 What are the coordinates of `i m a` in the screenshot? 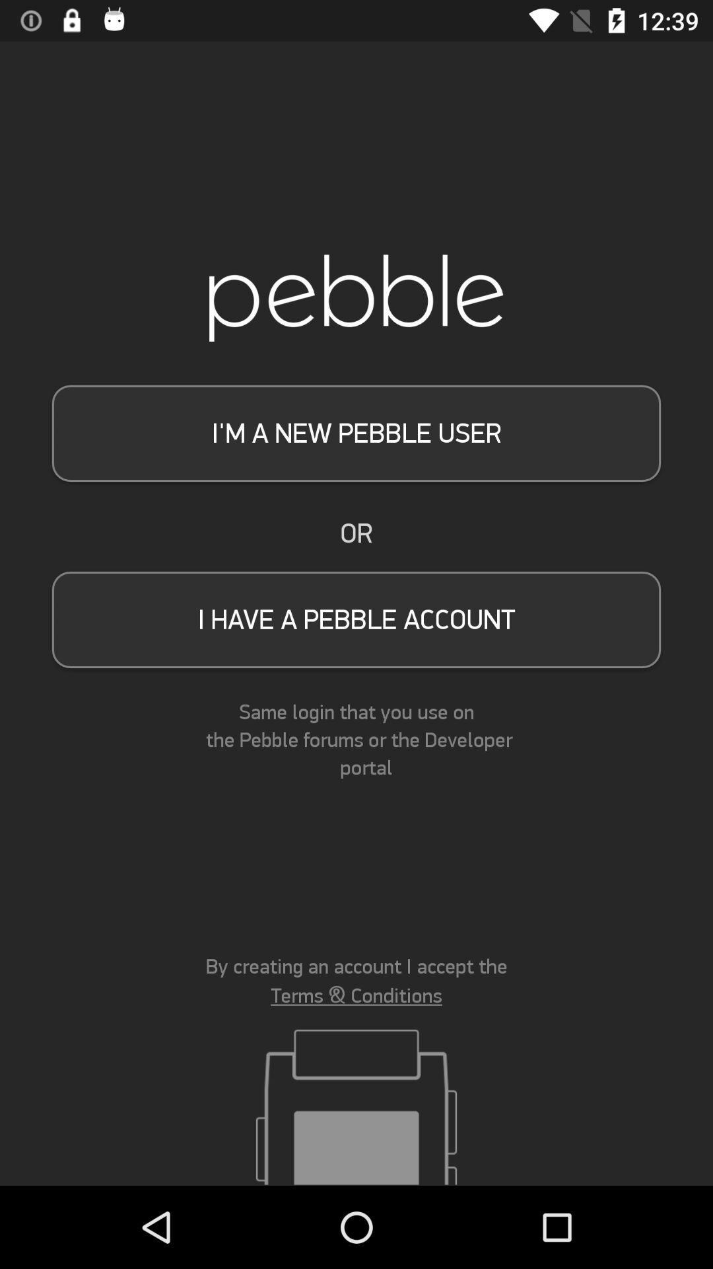 It's located at (356, 433).